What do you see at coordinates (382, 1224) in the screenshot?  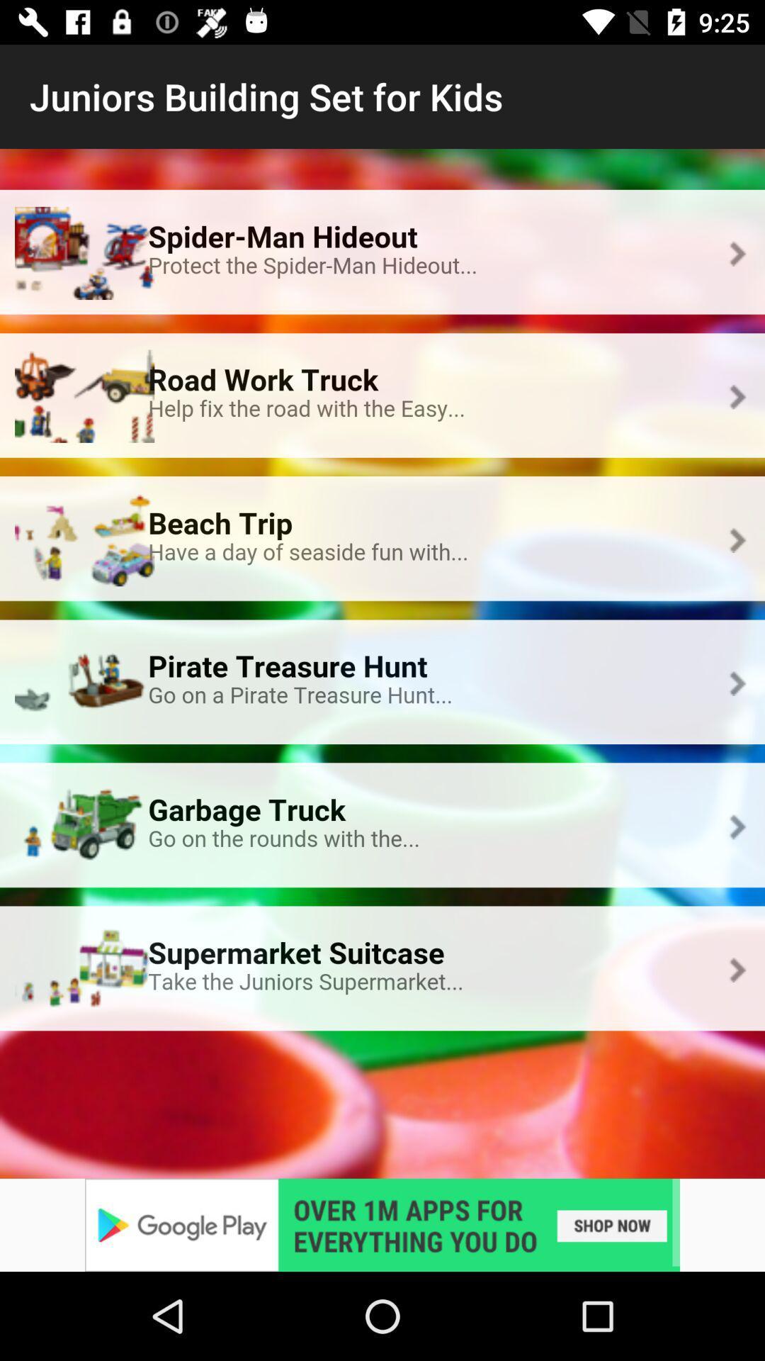 I see `advertisement` at bounding box center [382, 1224].